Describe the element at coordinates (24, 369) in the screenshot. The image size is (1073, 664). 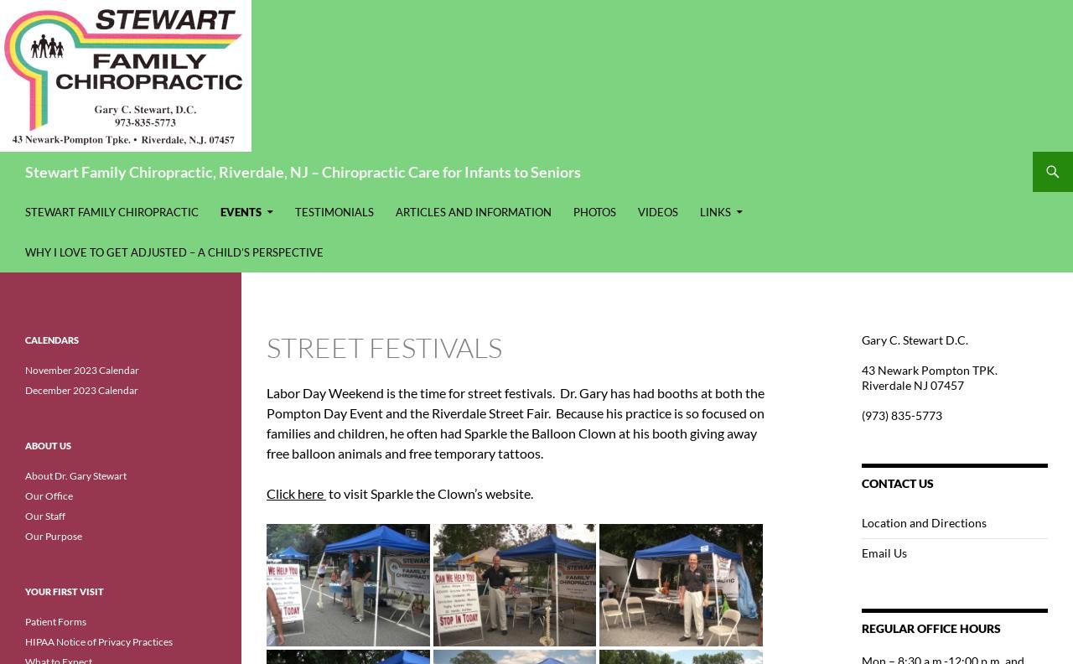
I see `'November 2023 Calendar'` at that location.